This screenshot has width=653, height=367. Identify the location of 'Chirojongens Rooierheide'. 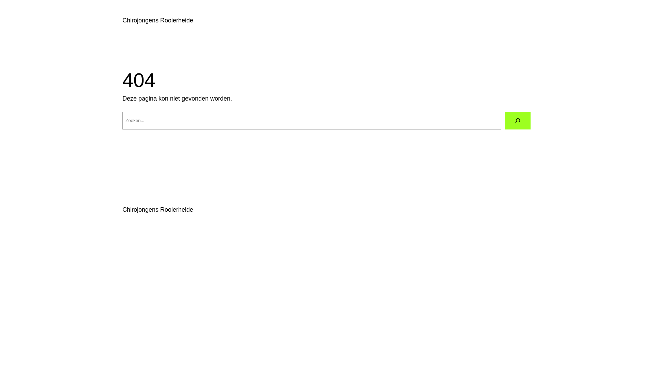
(157, 209).